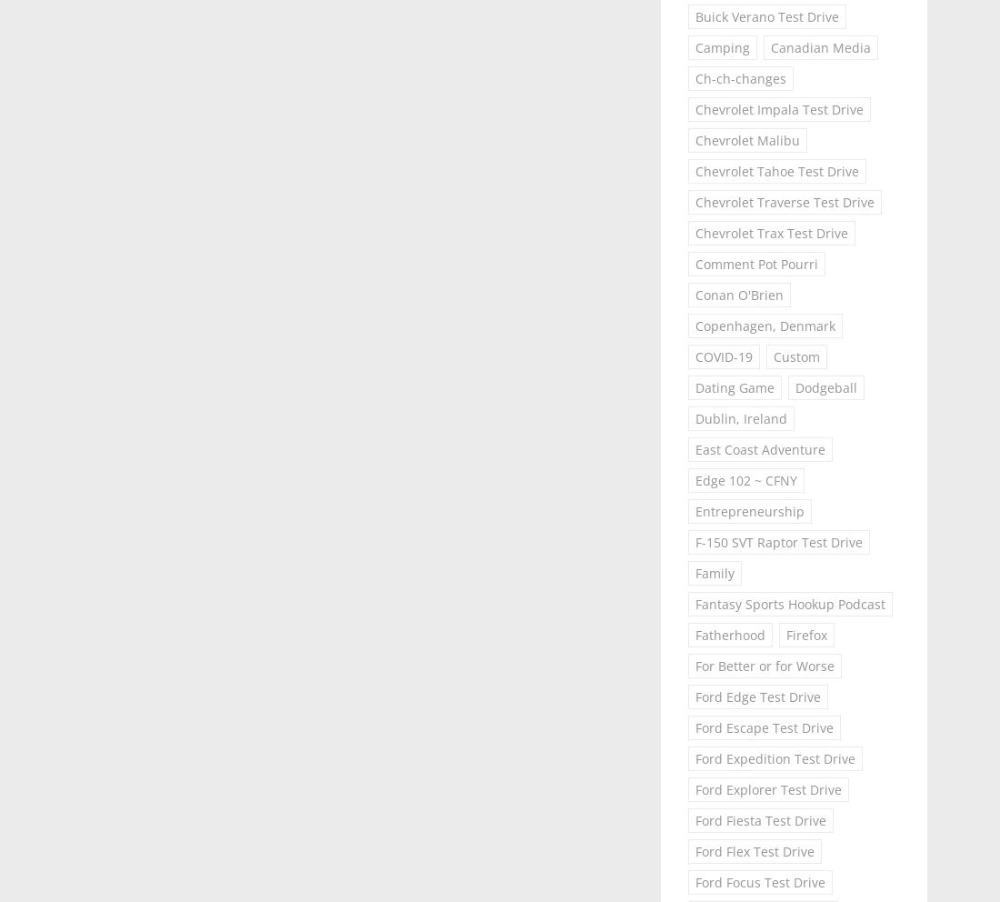 Image resolution: width=1000 pixels, height=902 pixels. What do you see at coordinates (763, 325) in the screenshot?
I see `'Copenhagen, Denmark'` at bounding box center [763, 325].